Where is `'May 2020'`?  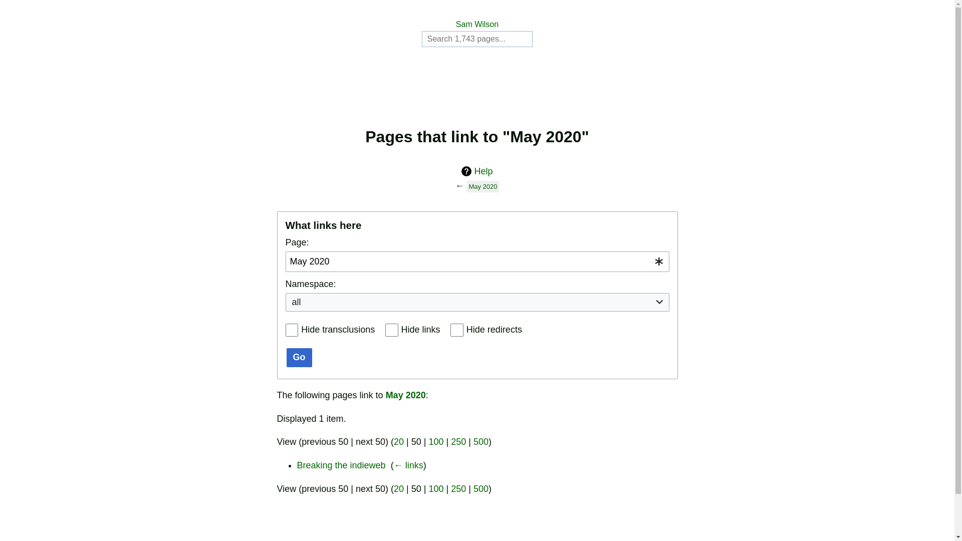 'May 2020' is located at coordinates (483, 186).